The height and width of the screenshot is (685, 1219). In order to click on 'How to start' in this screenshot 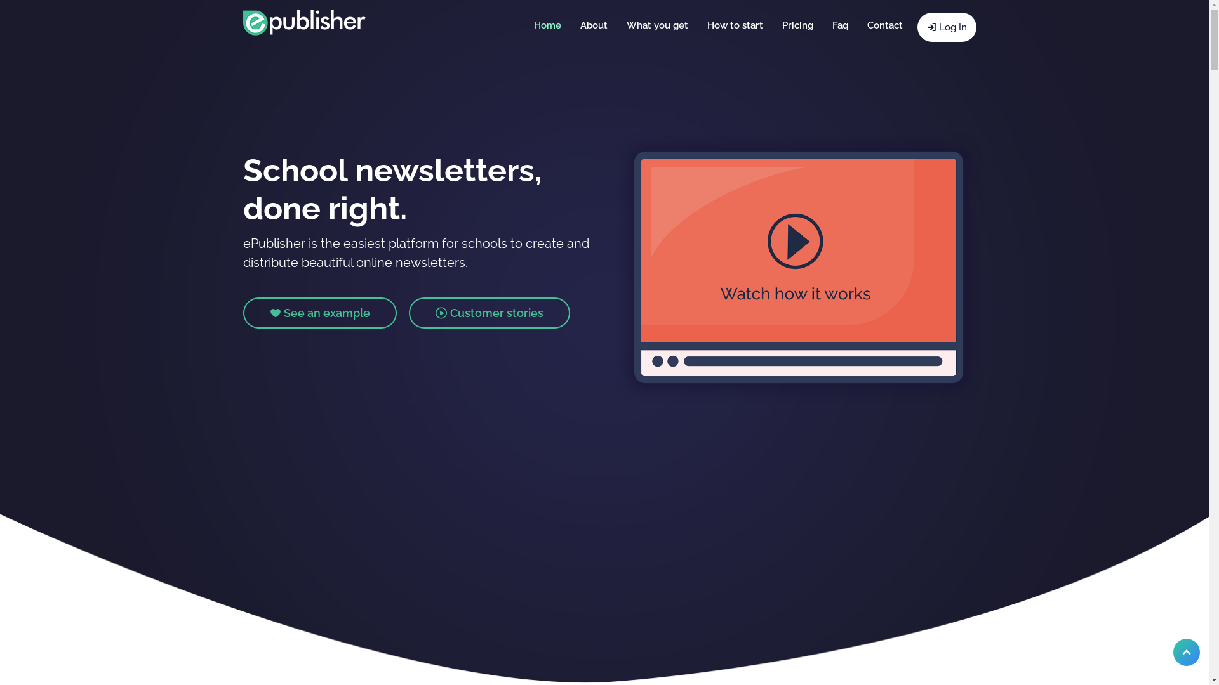, I will do `click(696, 25)`.